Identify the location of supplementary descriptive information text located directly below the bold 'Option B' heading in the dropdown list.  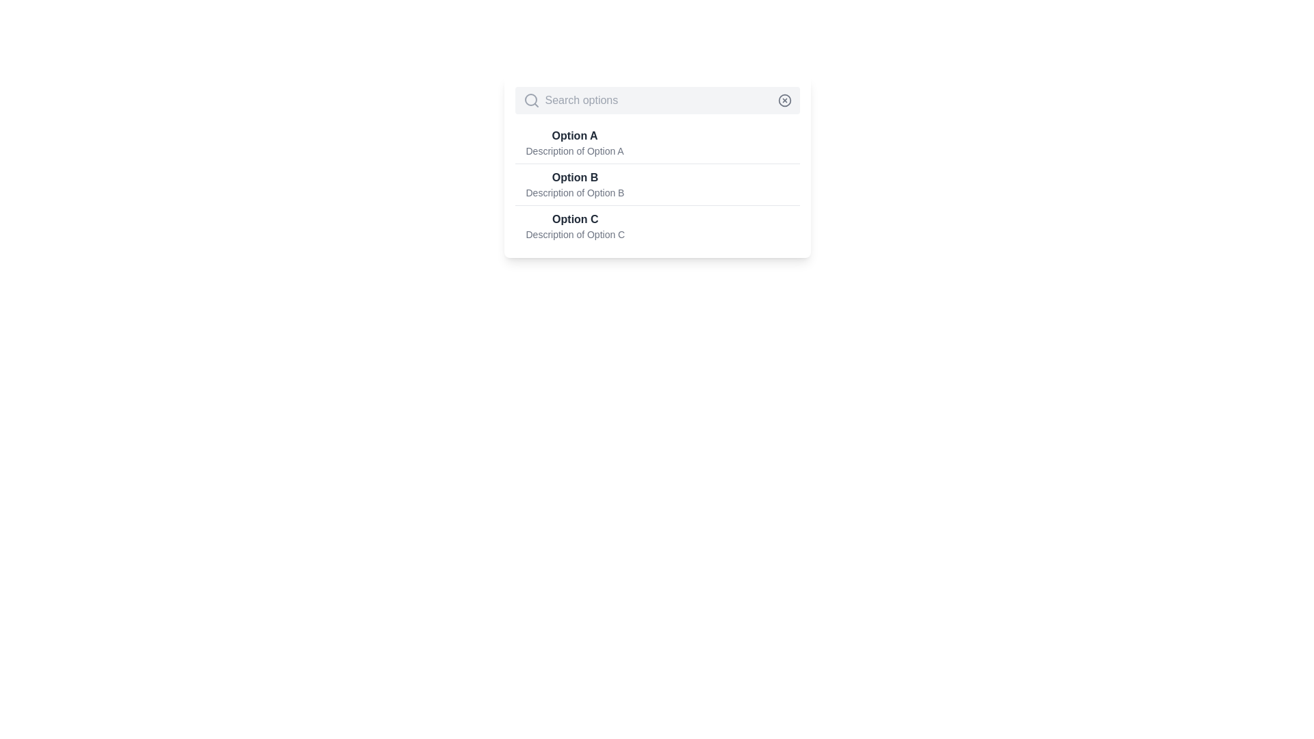
(575, 192).